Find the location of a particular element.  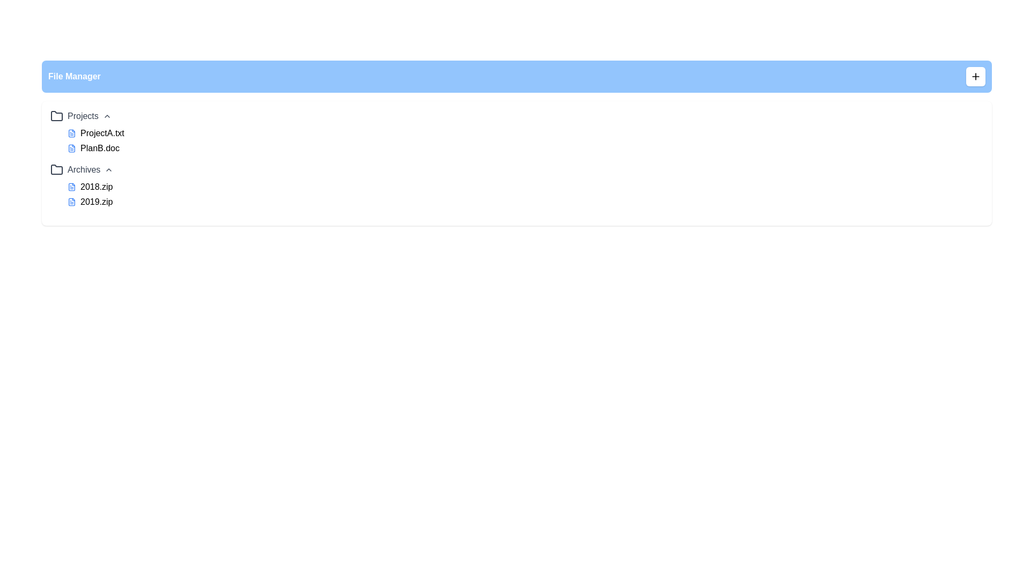

the document icon with a folded corner that is blue and located to the left of the '2019.zip' text in the file manager section under the 'Archives' folder is located at coordinates (71, 202).